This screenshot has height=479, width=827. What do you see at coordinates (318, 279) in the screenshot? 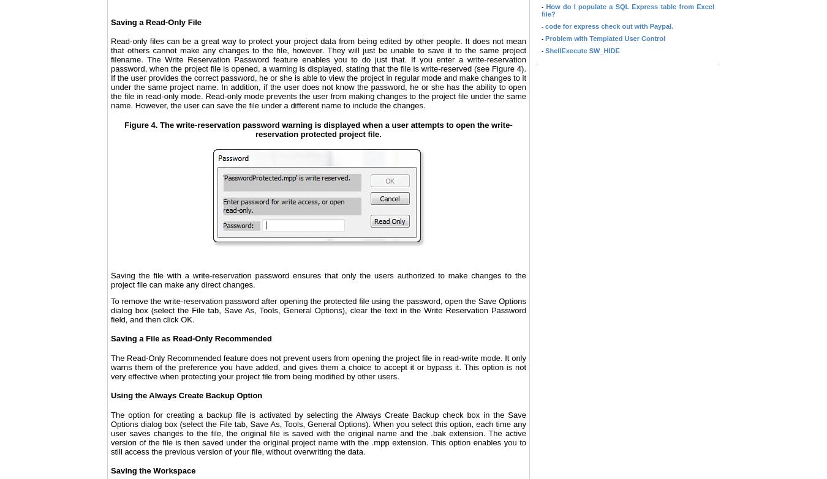
I see `'Saving the file with a
write-reservation password ensures that only the users authorized to
make changes to the project file can make any direct changes.'` at bounding box center [318, 279].